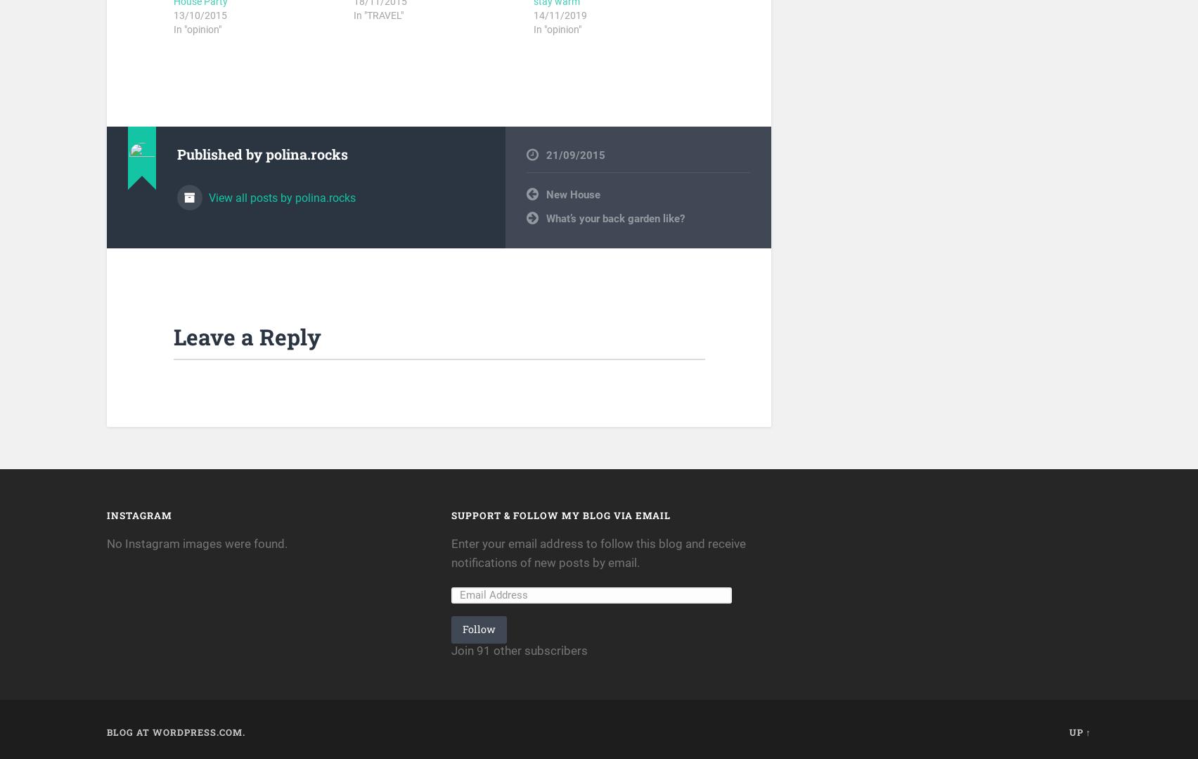 Image resolution: width=1198 pixels, height=759 pixels. Describe the element at coordinates (565, 194) in the screenshot. I see `'Thinking Out Loud'` at that location.